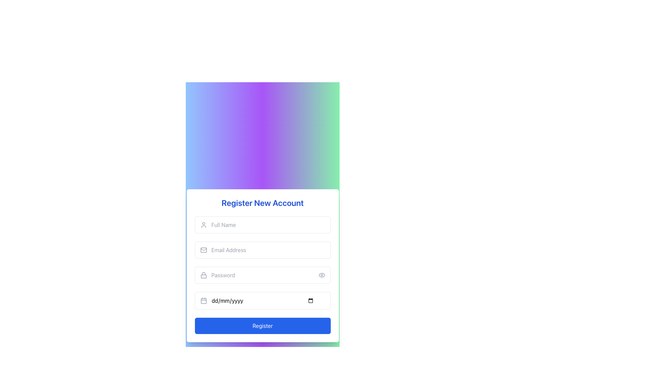 The image size is (652, 367). Describe the element at coordinates (203, 275) in the screenshot. I see `the lock icon, which is a minimalist styled padlock located to the left of the 'Password' input field in the registration form` at that location.